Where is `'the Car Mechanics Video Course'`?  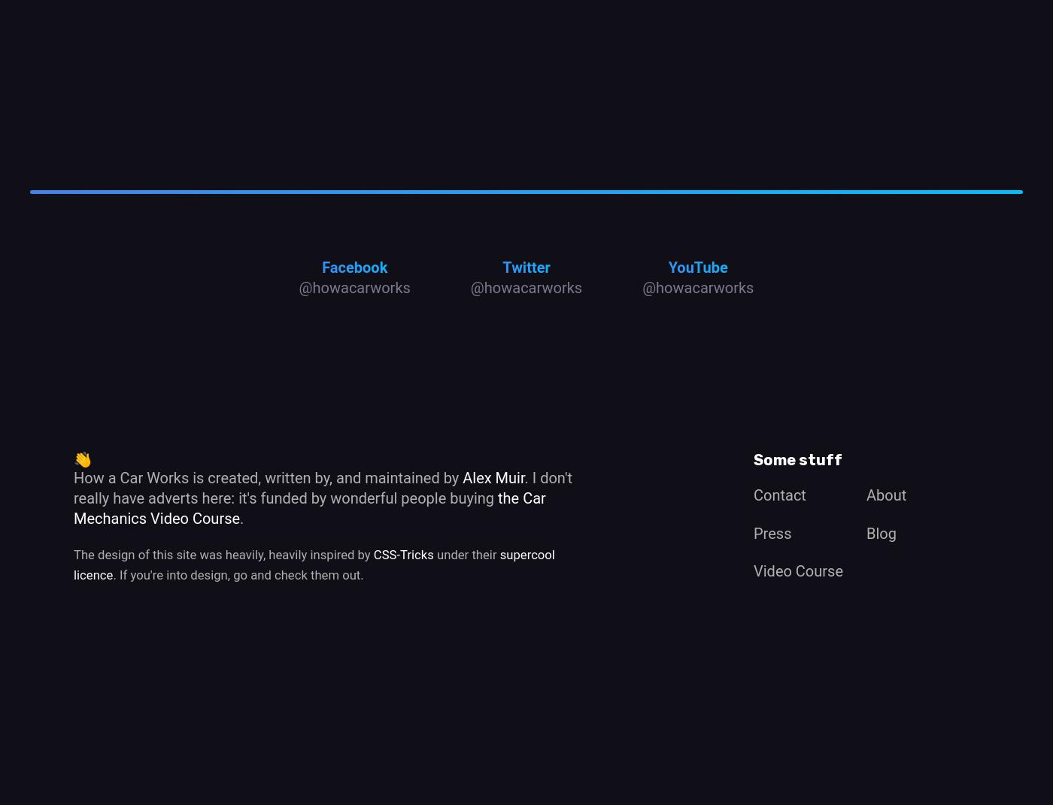
'the Car Mechanics Video Course' is located at coordinates (309, 507).